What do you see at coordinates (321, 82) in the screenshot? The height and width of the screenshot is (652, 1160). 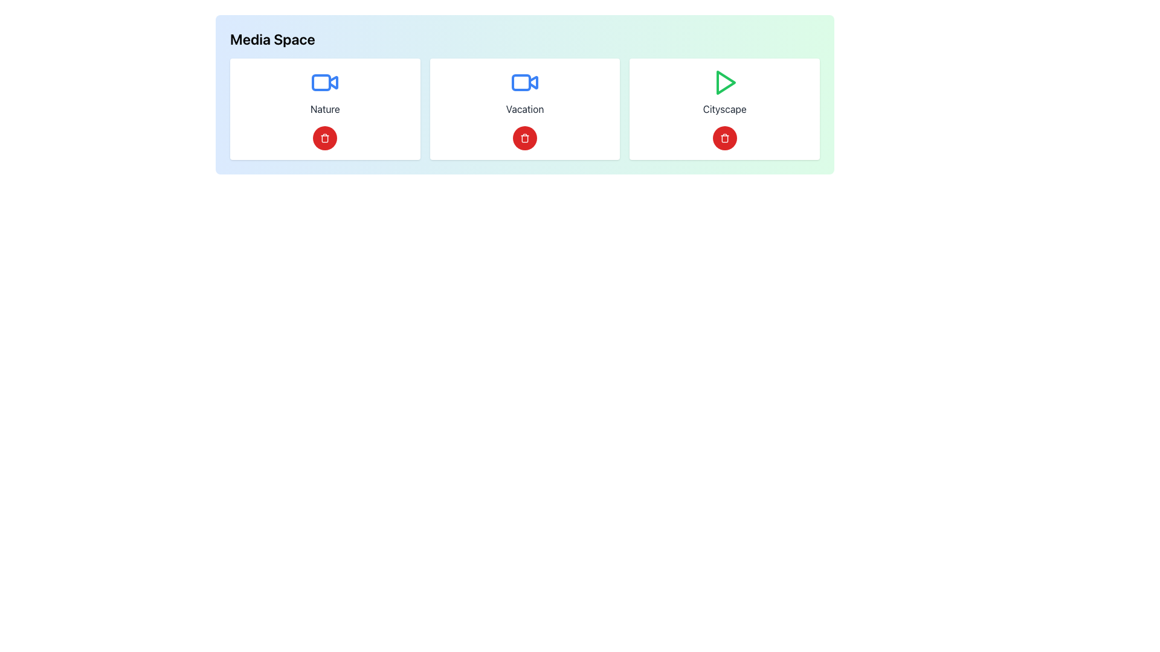 I see `decorative background SVG Rectangle of the video icon above the title 'Nature', which is centered in the first card of the horizontal row of cards` at bounding box center [321, 82].